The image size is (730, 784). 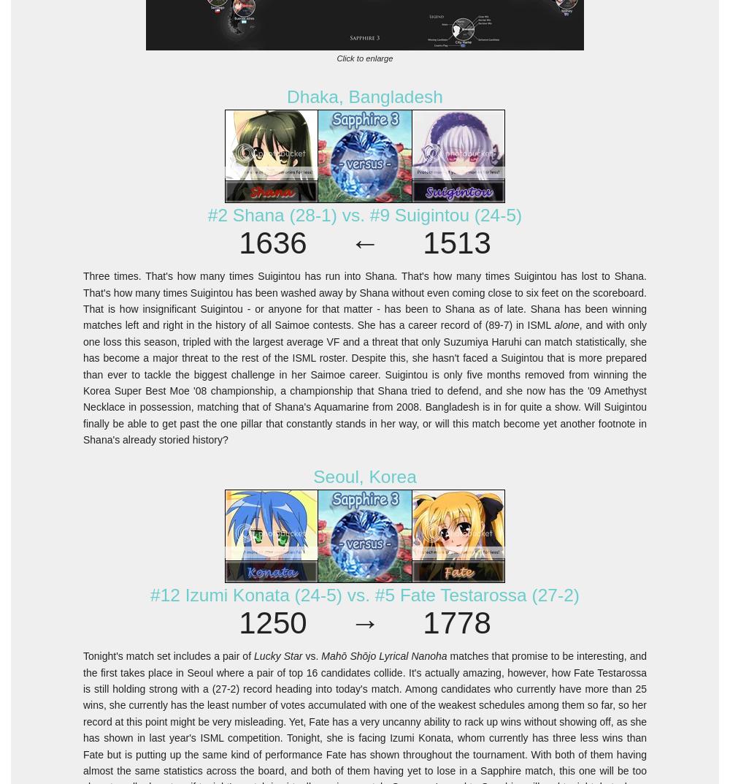 I want to click on 'Click to enlarge', so click(x=364, y=58).